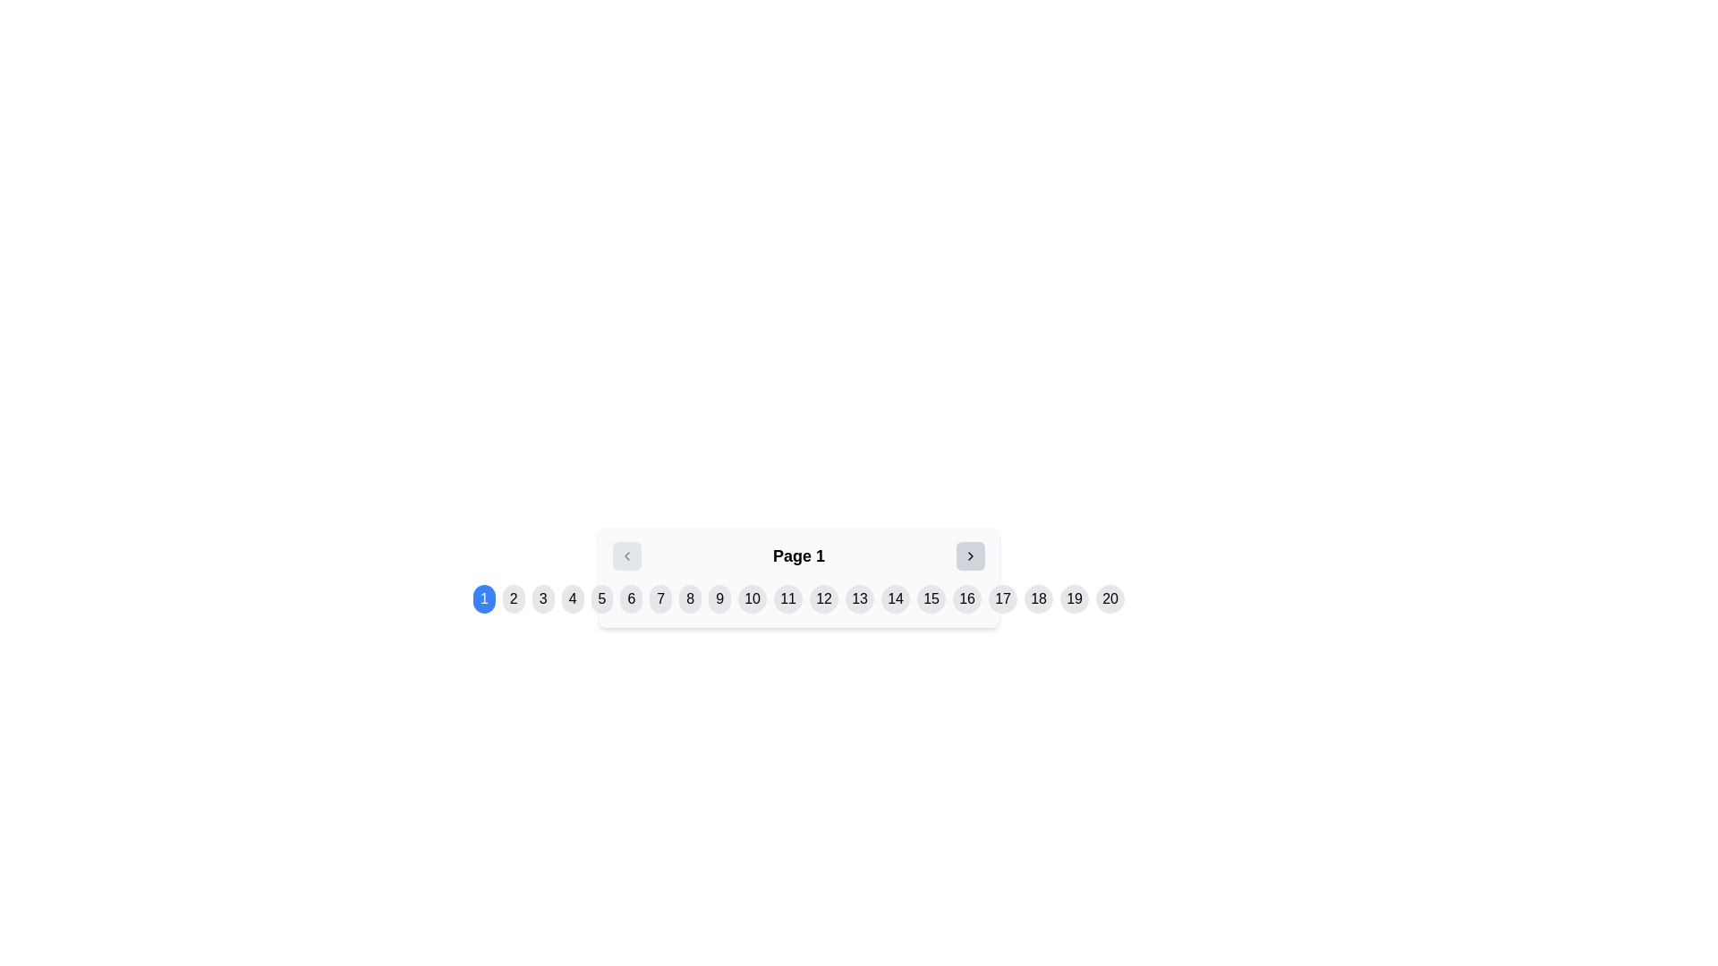 This screenshot has height=966, width=1718. Describe the element at coordinates (1039, 599) in the screenshot. I see `the circular button displaying '18' with a light gray background to observe the hover effect` at that location.